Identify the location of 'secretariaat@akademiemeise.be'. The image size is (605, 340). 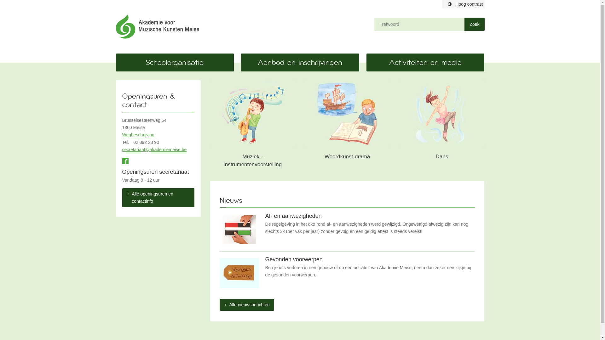
(122, 149).